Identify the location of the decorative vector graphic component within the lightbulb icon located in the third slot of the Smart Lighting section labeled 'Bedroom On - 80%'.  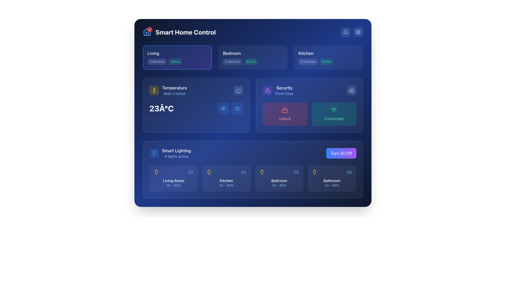
(262, 171).